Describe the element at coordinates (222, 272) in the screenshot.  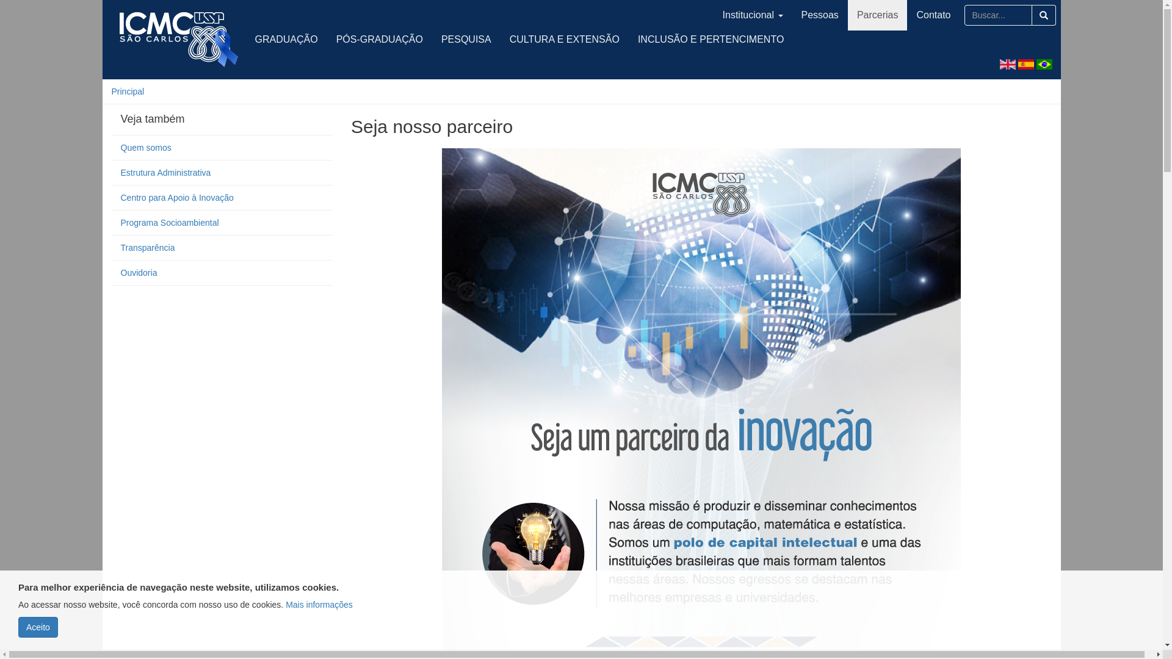
I see `'Ouvidoria'` at that location.